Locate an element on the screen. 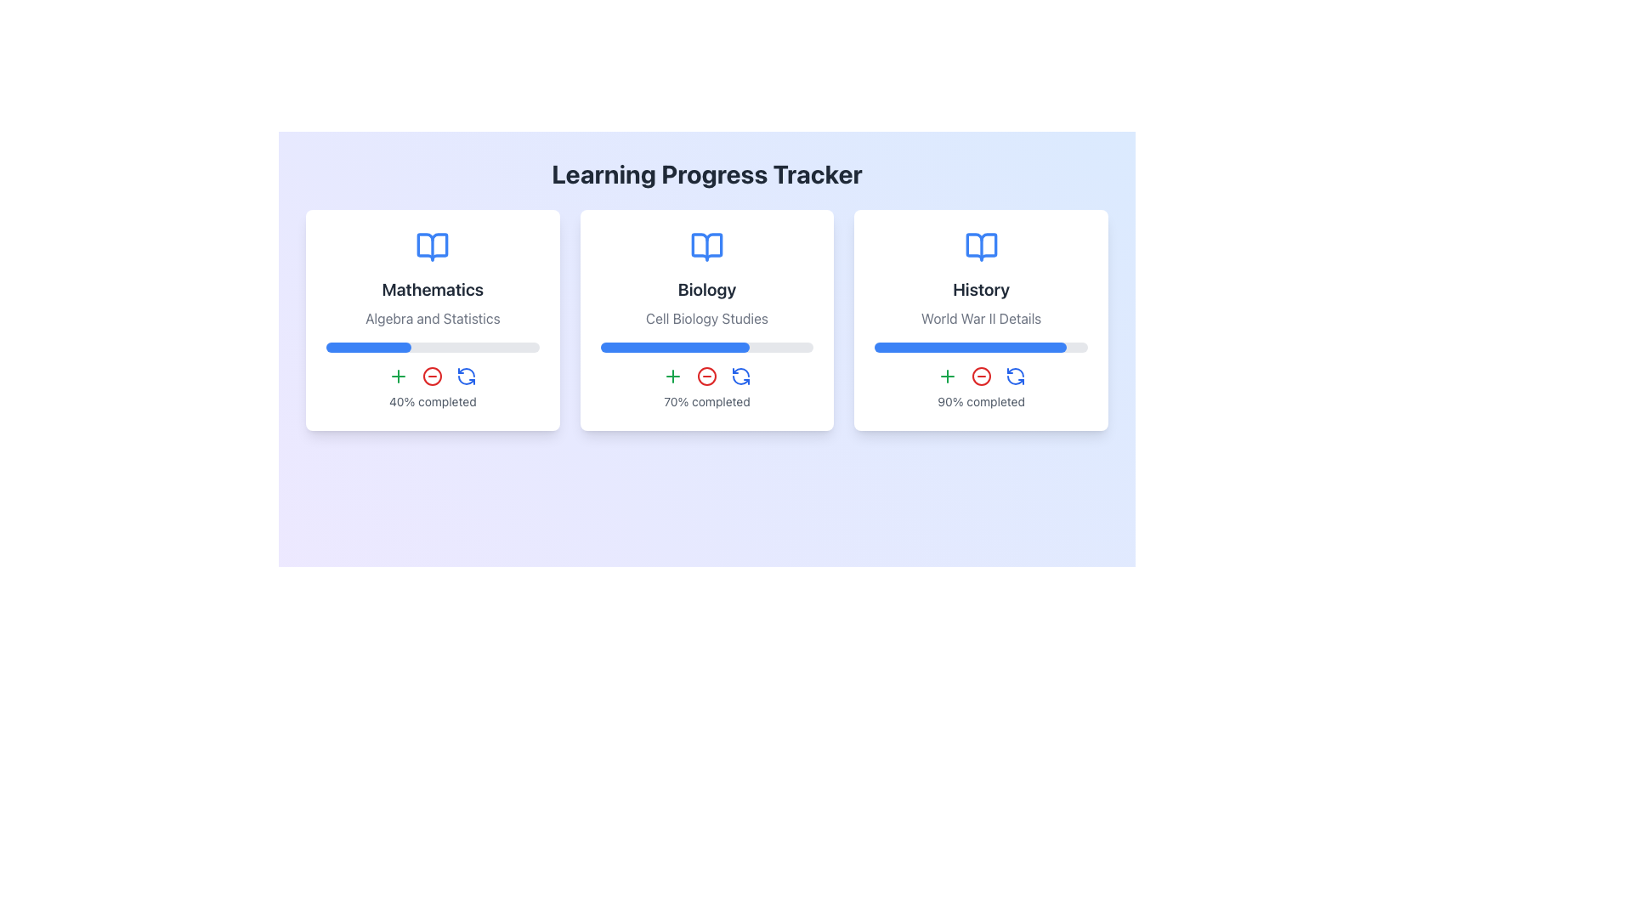  the static text label indicating the completion progress of the 'Biology' course, located at the bottom of the 'Biology' card is located at coordinates (706, 402).